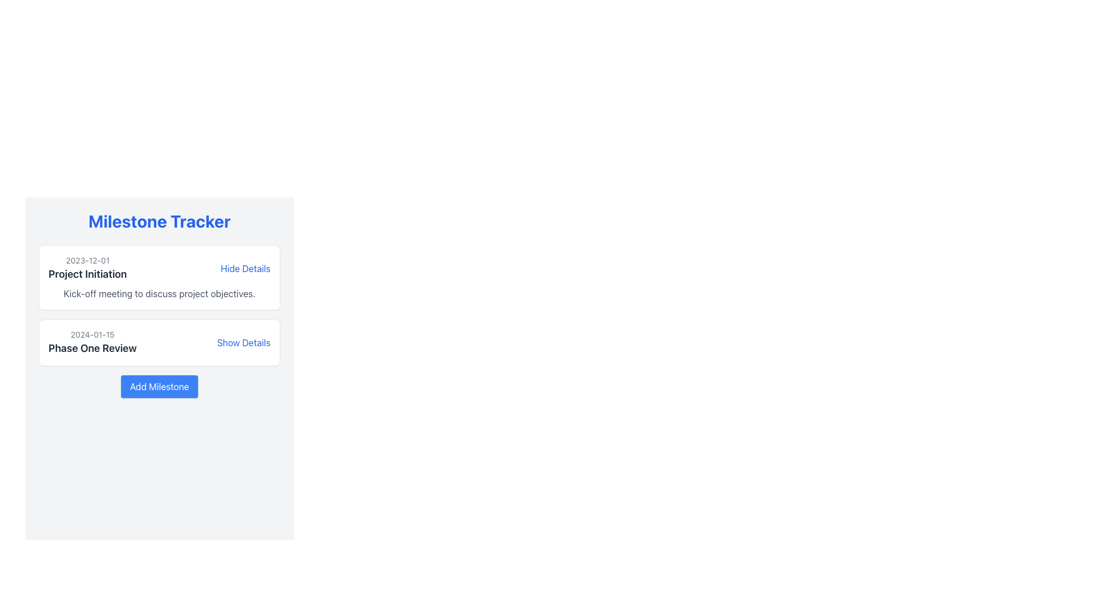 This screenshot has height=616, width=1096. Describe the element at coordinates (92, 342) in the screenshot. I see `the static text display showing the second milestone's title and date under the 'Milestone Tracker' heading` at that location.